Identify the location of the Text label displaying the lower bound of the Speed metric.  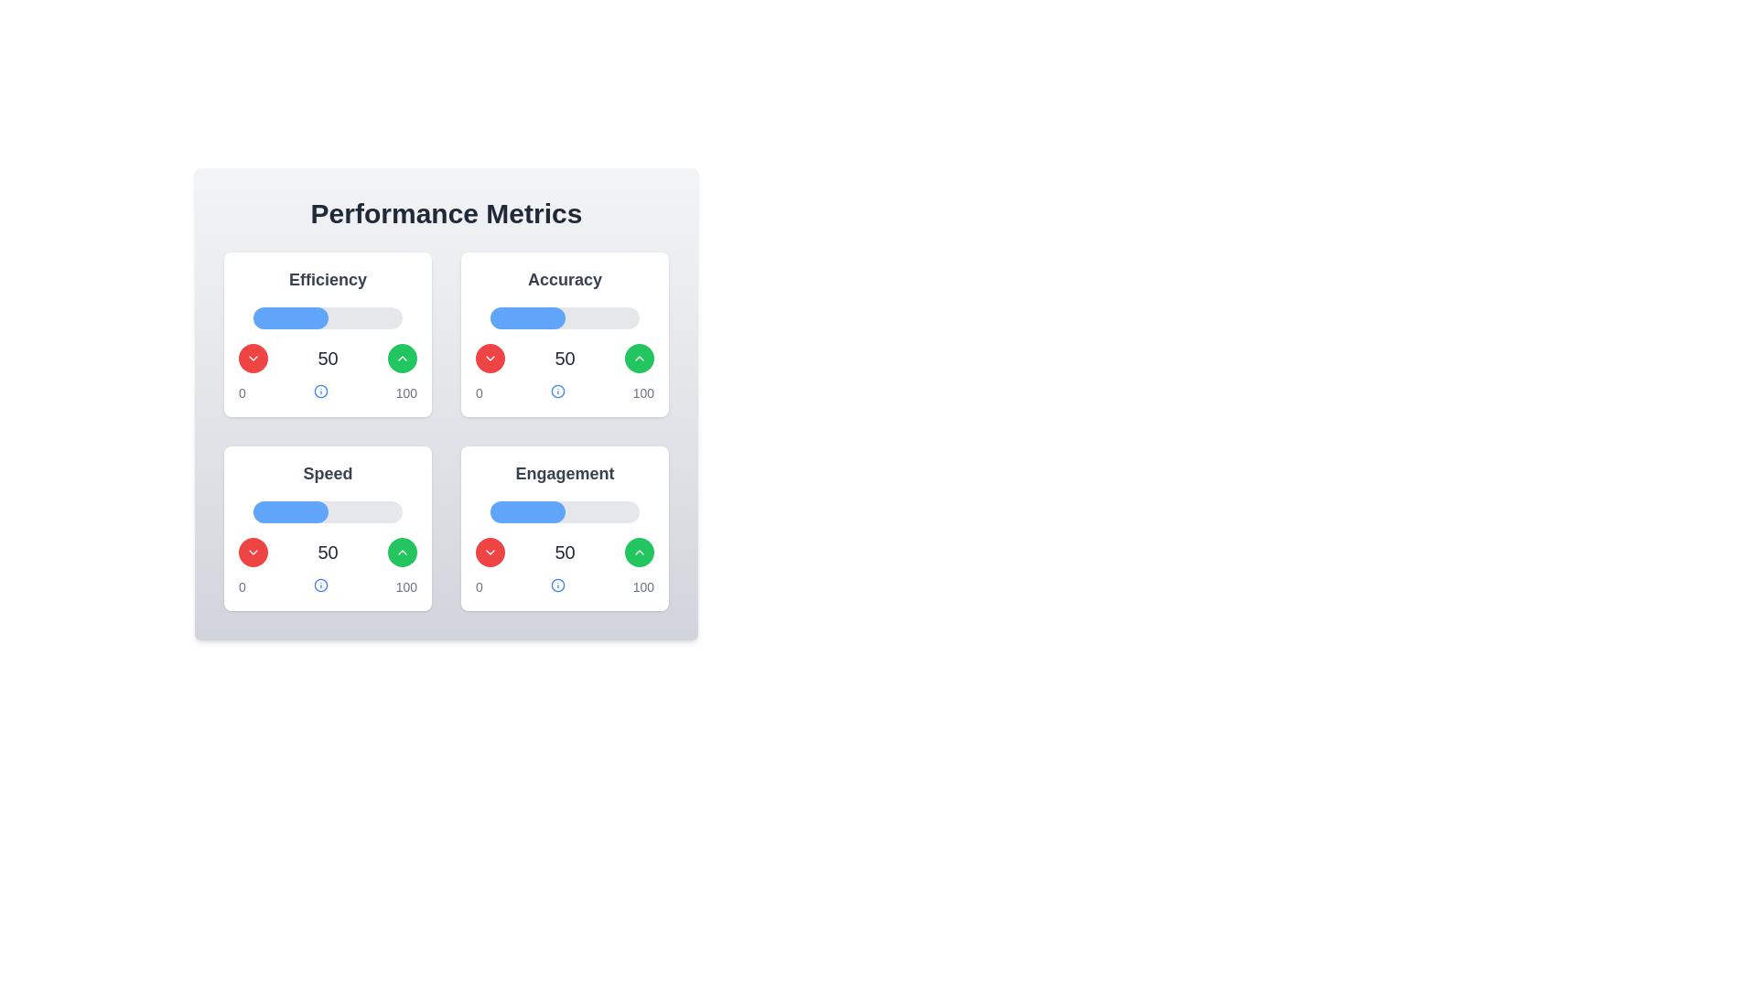
(241, 586).